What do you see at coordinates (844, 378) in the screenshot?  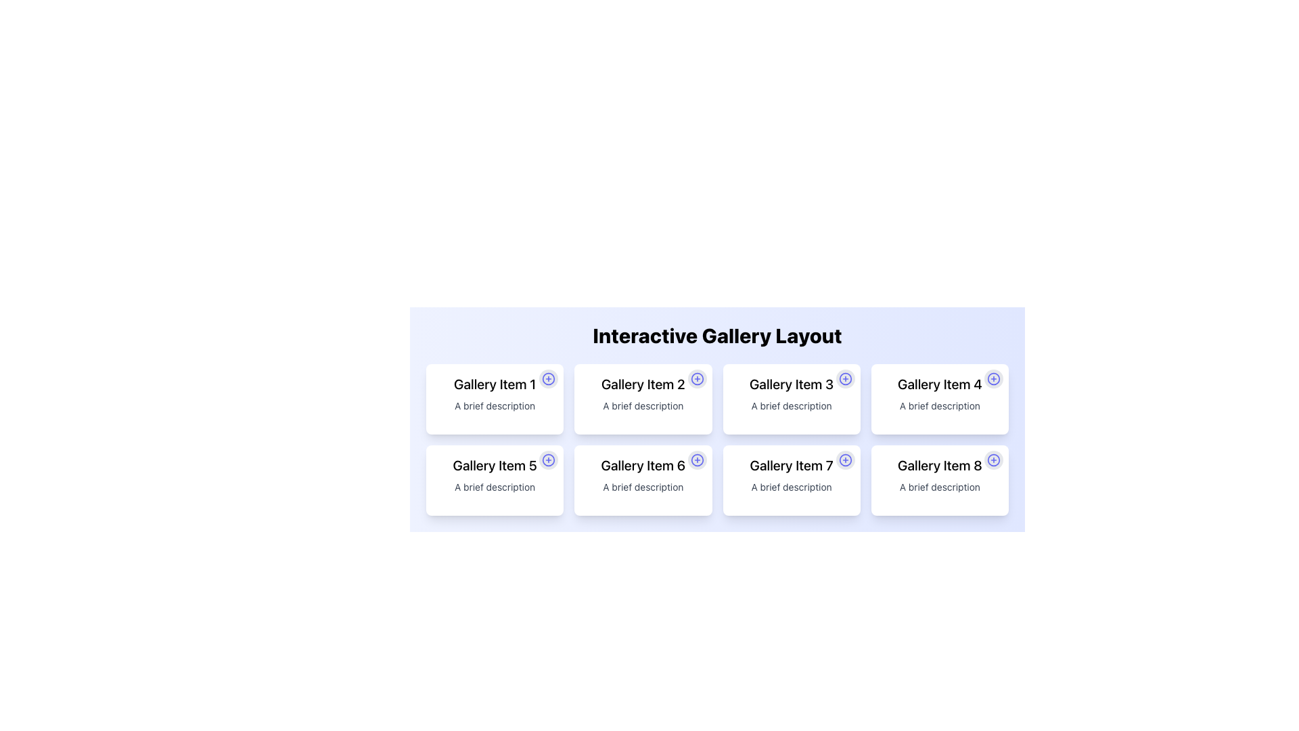 I see `the interactive button located in the top-right corner of the card labeled 'Gallery Item 3'` at bounding box center [844, 378].